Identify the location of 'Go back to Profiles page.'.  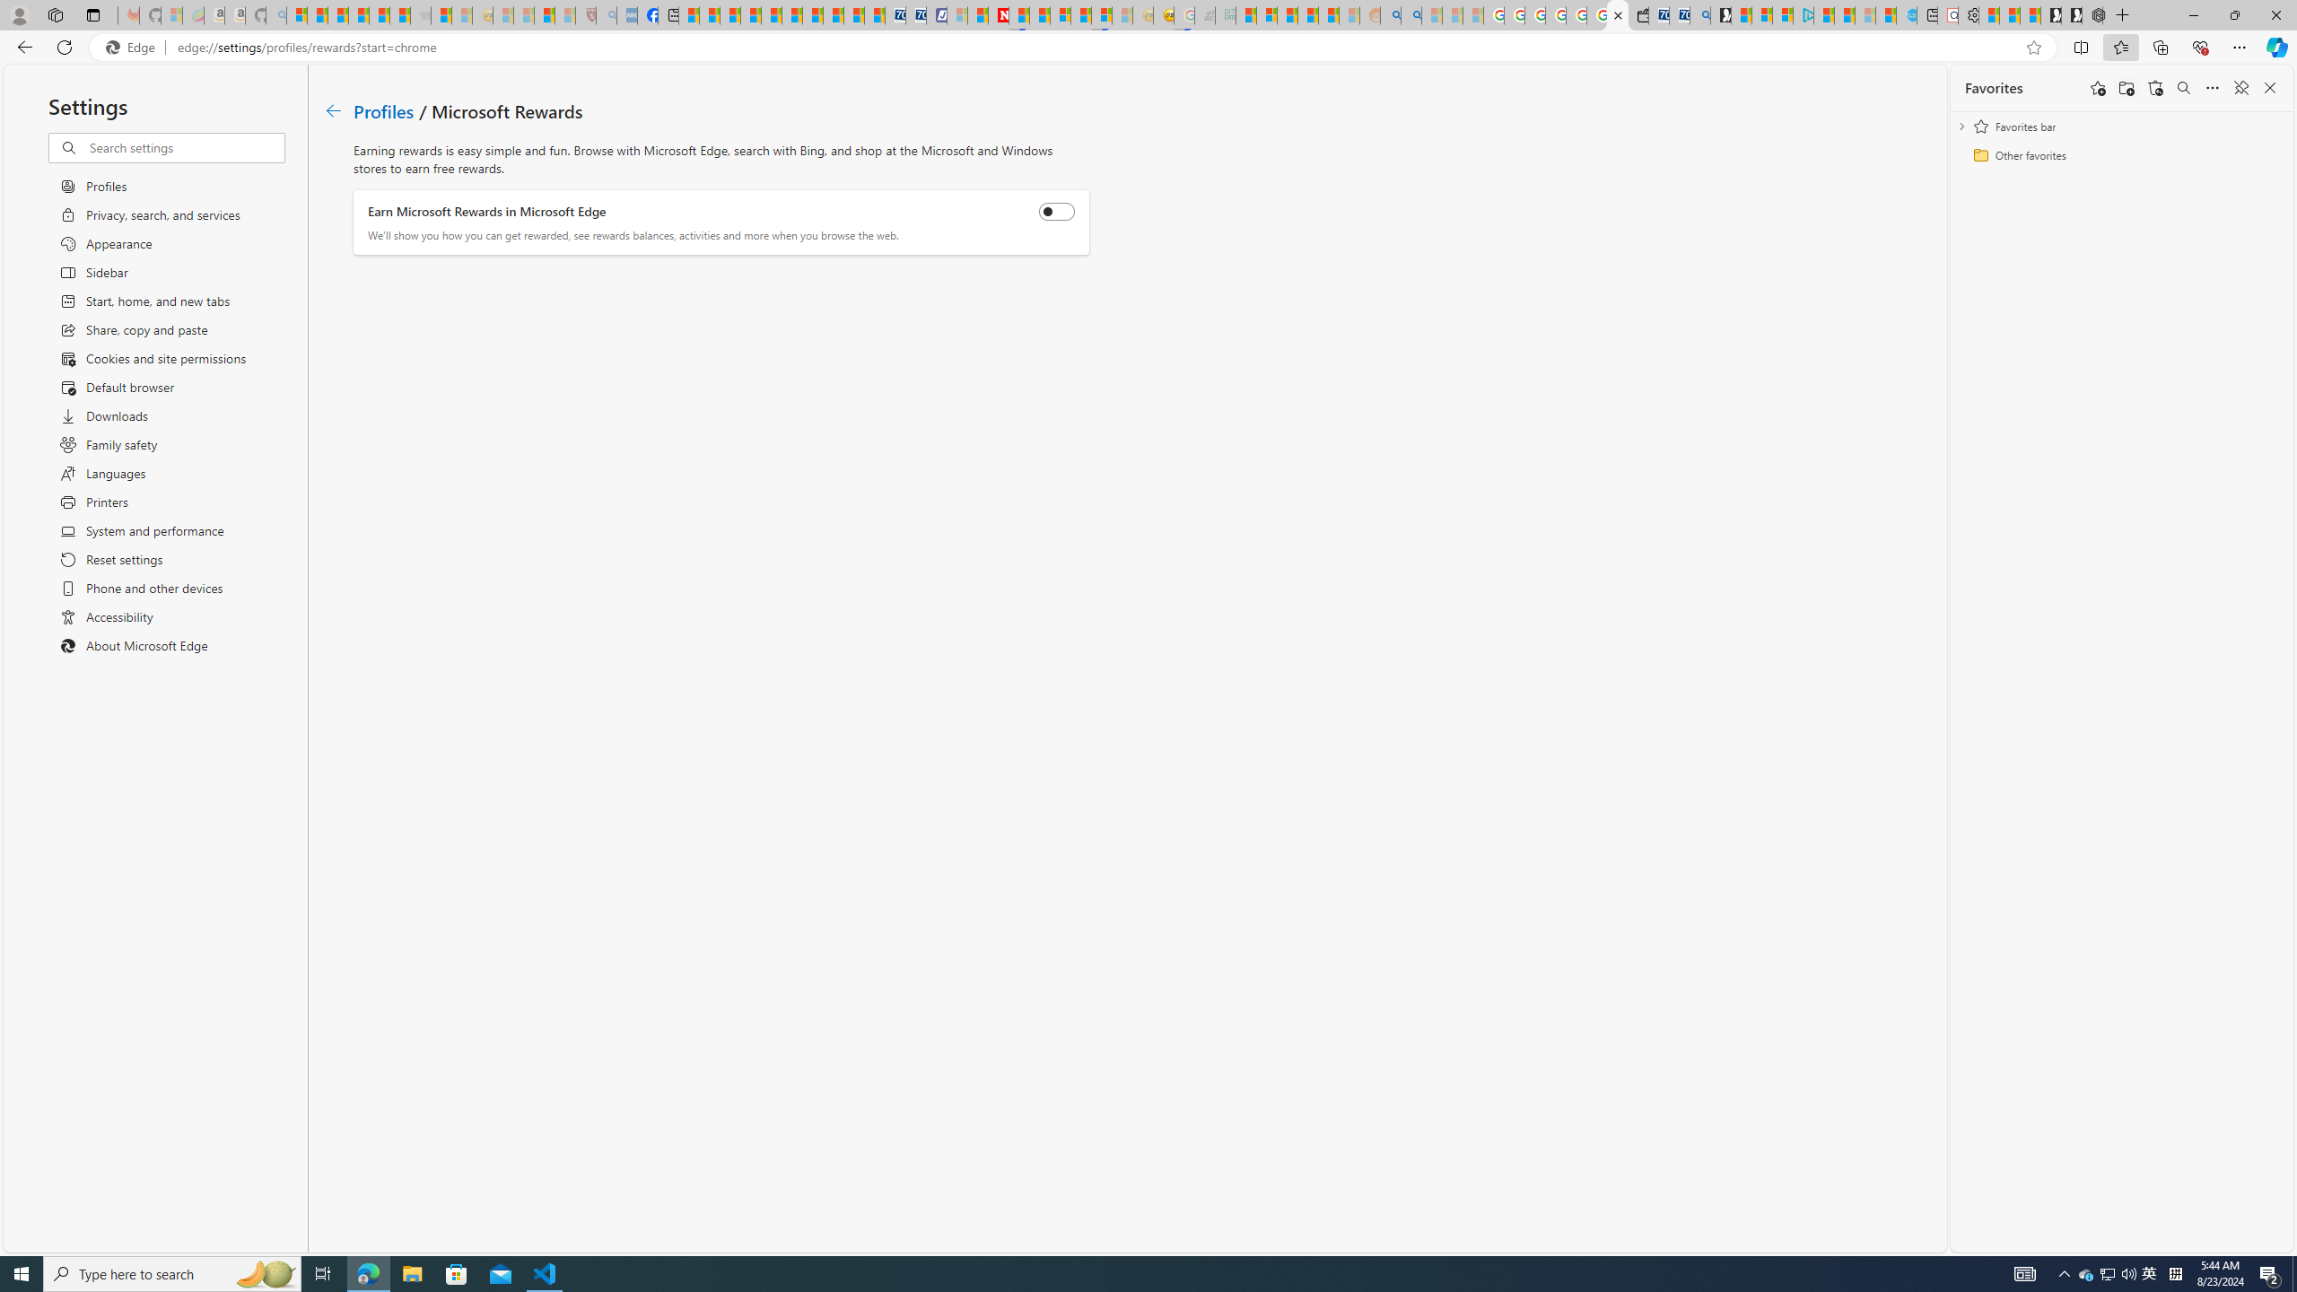
(332, 110).